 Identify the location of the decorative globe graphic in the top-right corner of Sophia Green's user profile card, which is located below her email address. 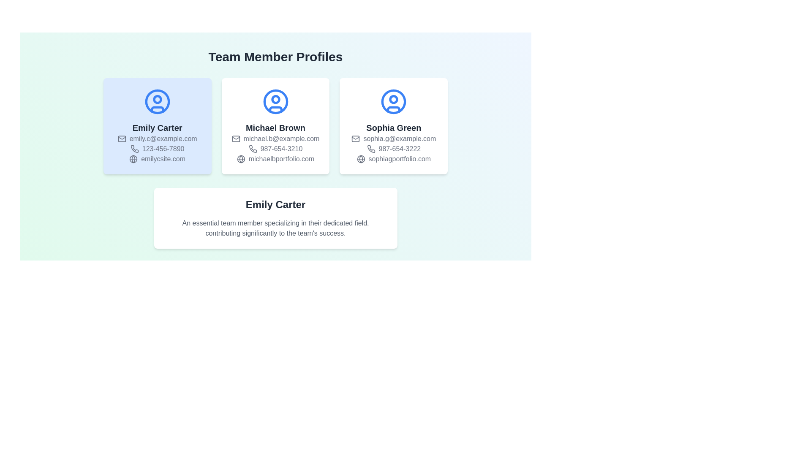
(361, 159).